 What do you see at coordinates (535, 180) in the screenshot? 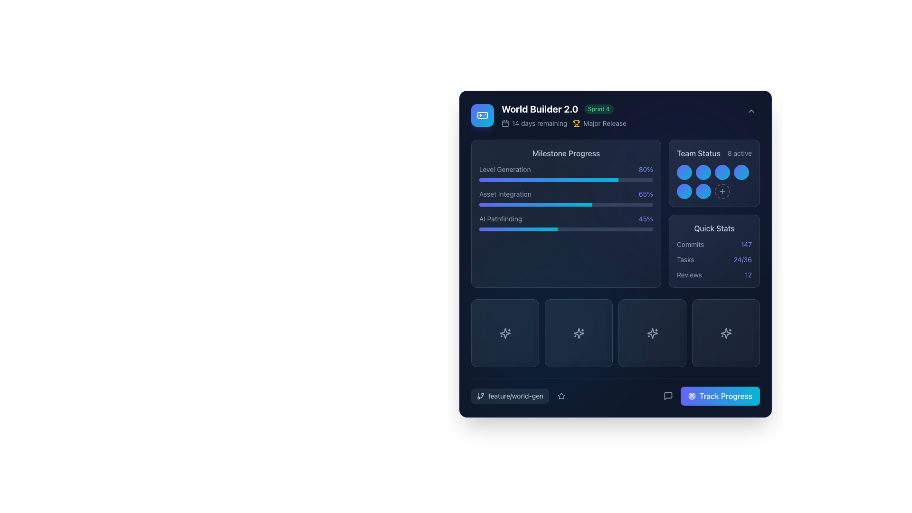
I see `progress` at bounding box center [535, 180].